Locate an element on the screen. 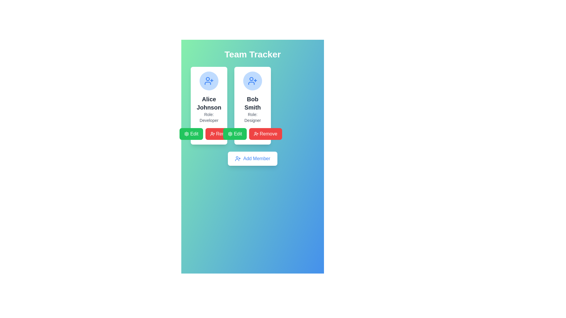 This screenshot has width=566, height=318. the bold, large-sized text element reading 'Team Tracker' which is centered at the top of a gradient background from green to blue is located at coordinates (253, 54).